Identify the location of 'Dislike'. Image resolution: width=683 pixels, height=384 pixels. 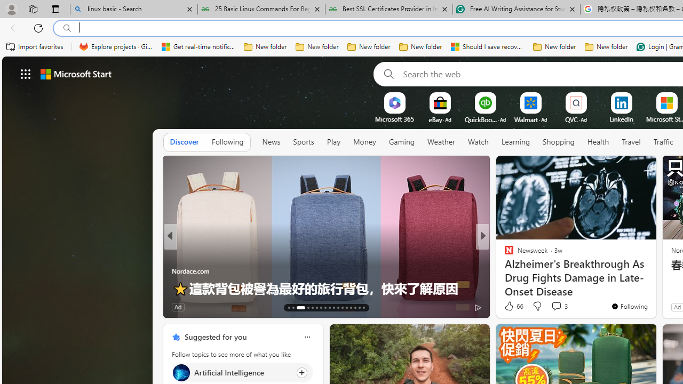
(537, 306).